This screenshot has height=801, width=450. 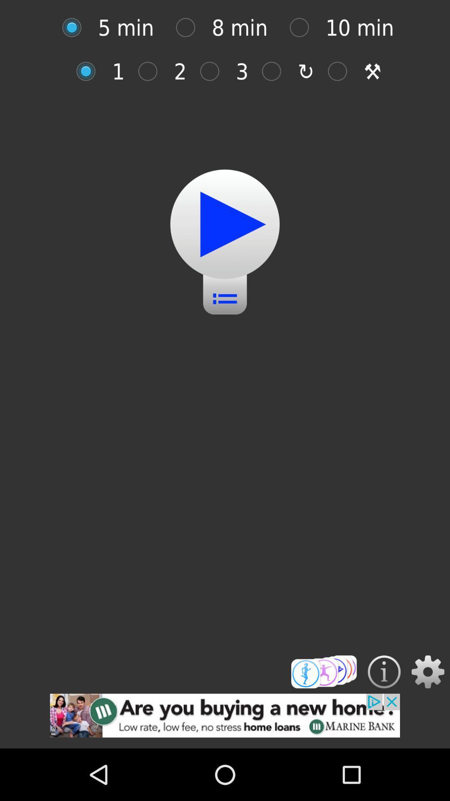 I want to click on info option, so click(x=384, y=672).